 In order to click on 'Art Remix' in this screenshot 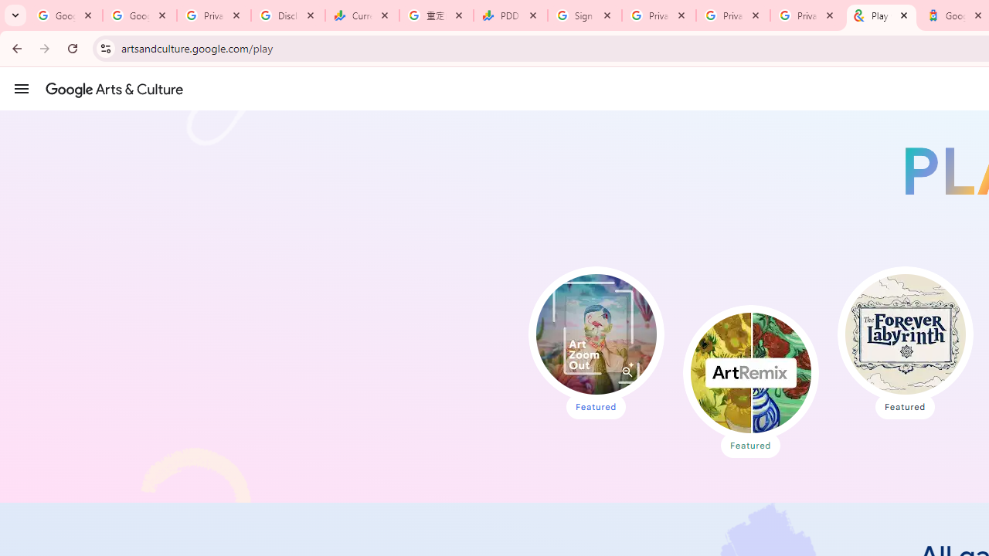, I will do `click(750, 373)`.